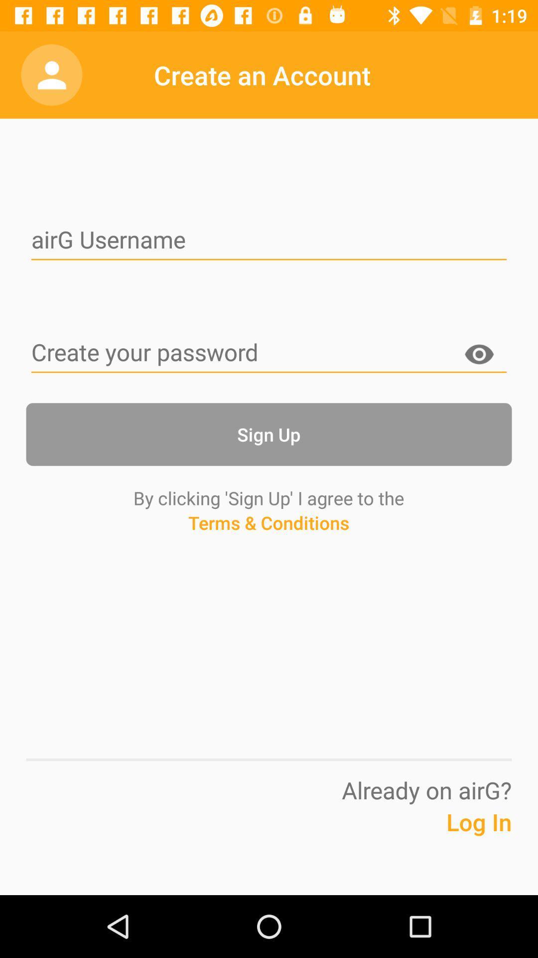 The height and width of the screenshot is (958, 538). I want to click on icon below by clicking sign app, so click(268, 541).